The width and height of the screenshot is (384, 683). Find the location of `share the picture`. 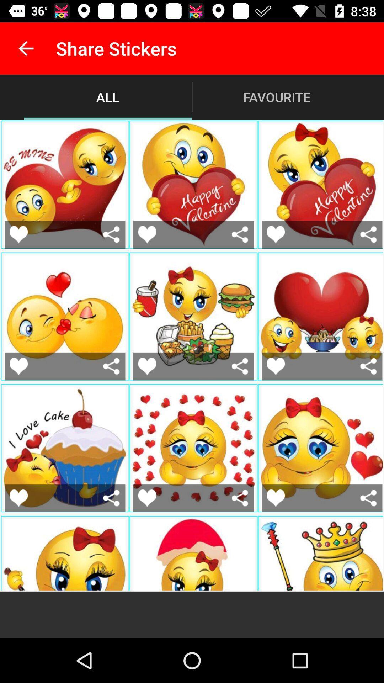

share the picture is located at coordinates (111, 498).